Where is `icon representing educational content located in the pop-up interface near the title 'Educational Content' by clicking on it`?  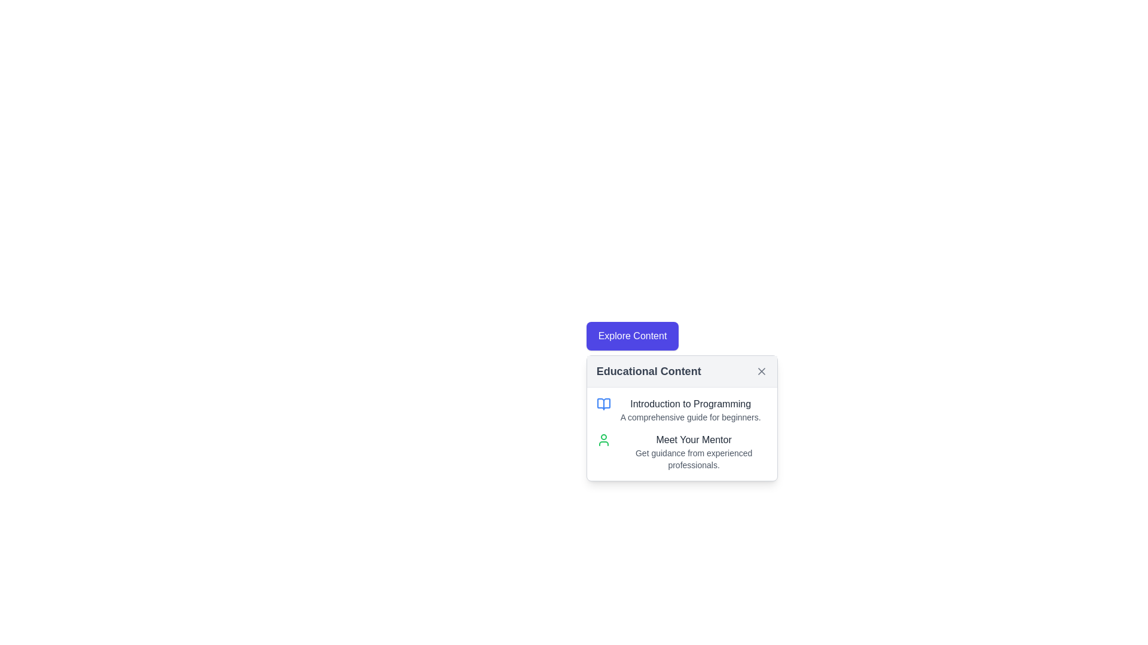
icon representing educational content located in the pop-up interface near the title 'Educational Content' by clicking on it is located at coordinates (603, 404).